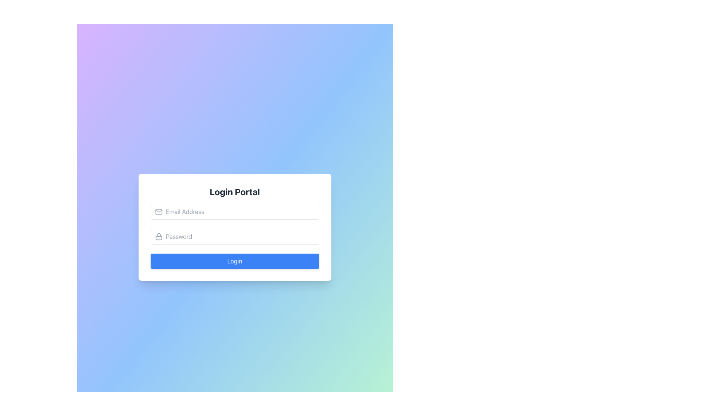 This screenshot has height=407, width=723. What do you see at coordinates (158, 236) in the screenshot?
I see `the lock icon located at the far left inside the password input field, which features a rounded rectangle base and a semi-circular arch at the top` at bounding box center [158, 236].